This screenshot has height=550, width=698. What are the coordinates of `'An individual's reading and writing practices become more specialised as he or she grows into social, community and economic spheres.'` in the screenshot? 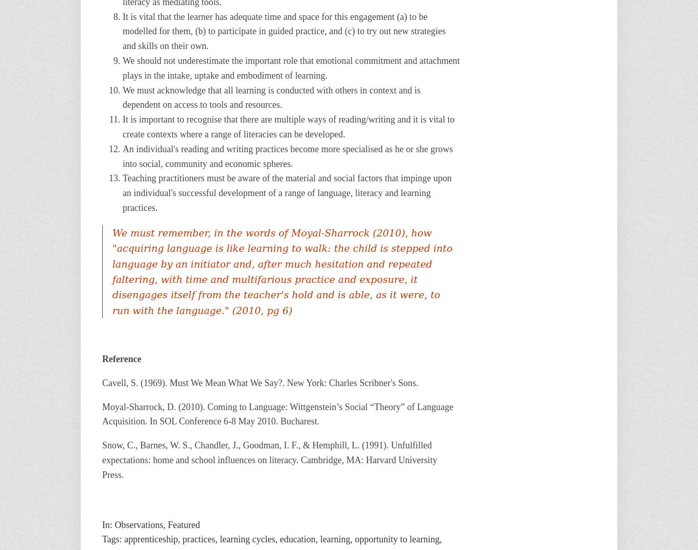 It's located at (288, 156).